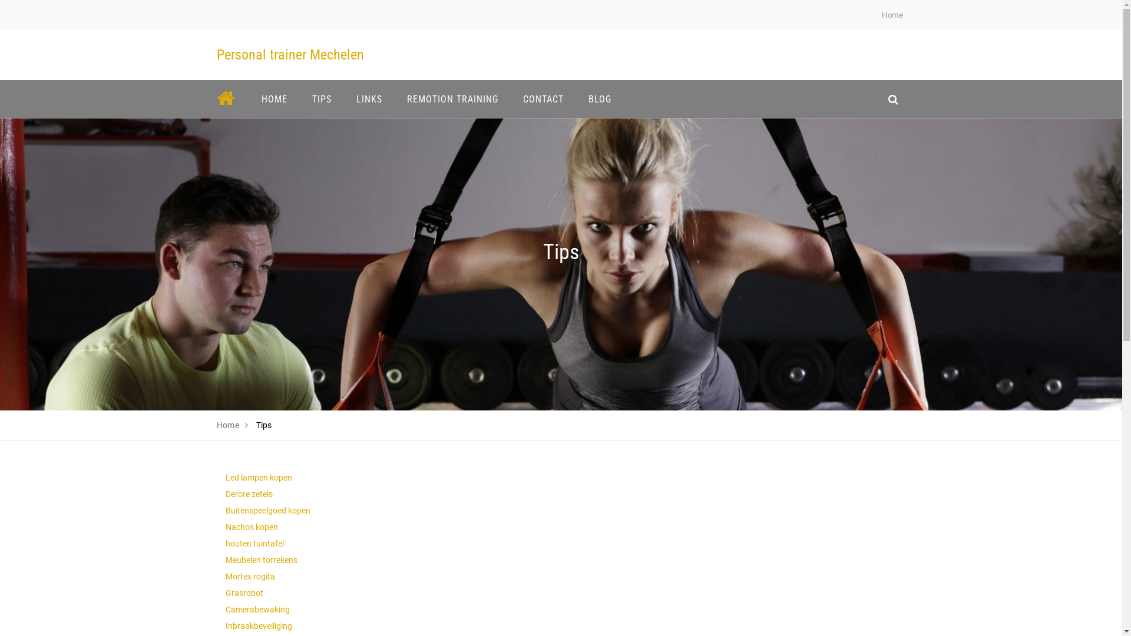 This screenshot has height=636, width=1131. What do you see at coordinates (249, 576) in the screenshot?
I see `'Mortex rogita'` at bounding box center [249, 576].